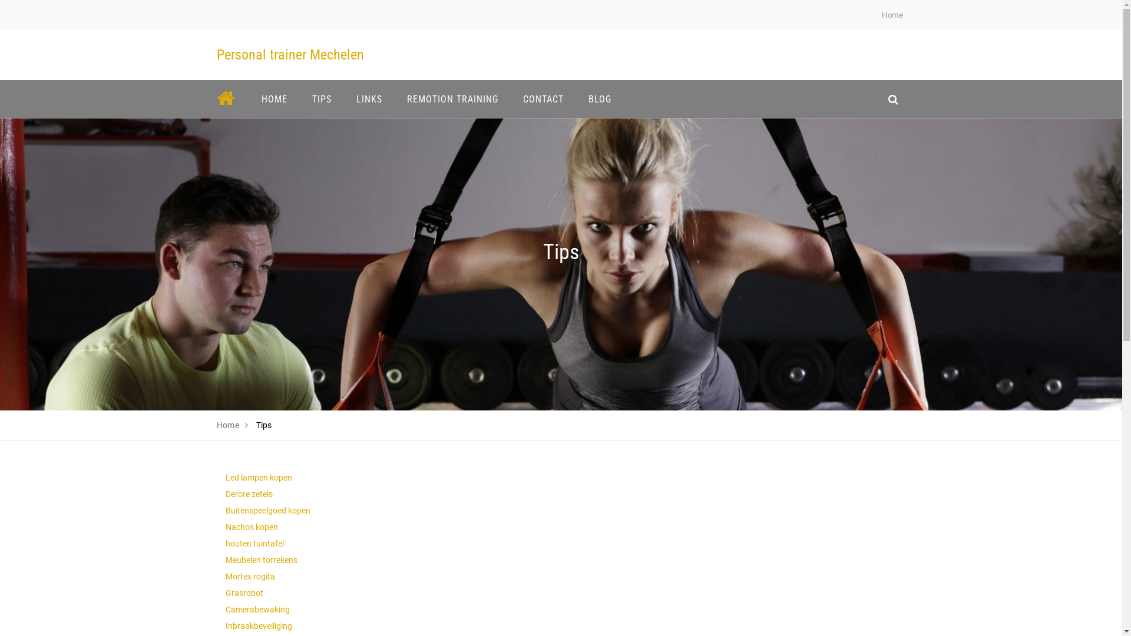 This screenshot has height=636, width=1131. What do you see at coordinates (249, 576) in the screenshot?
I see `'Mortex rogita'` at bounding box center [249, 576].